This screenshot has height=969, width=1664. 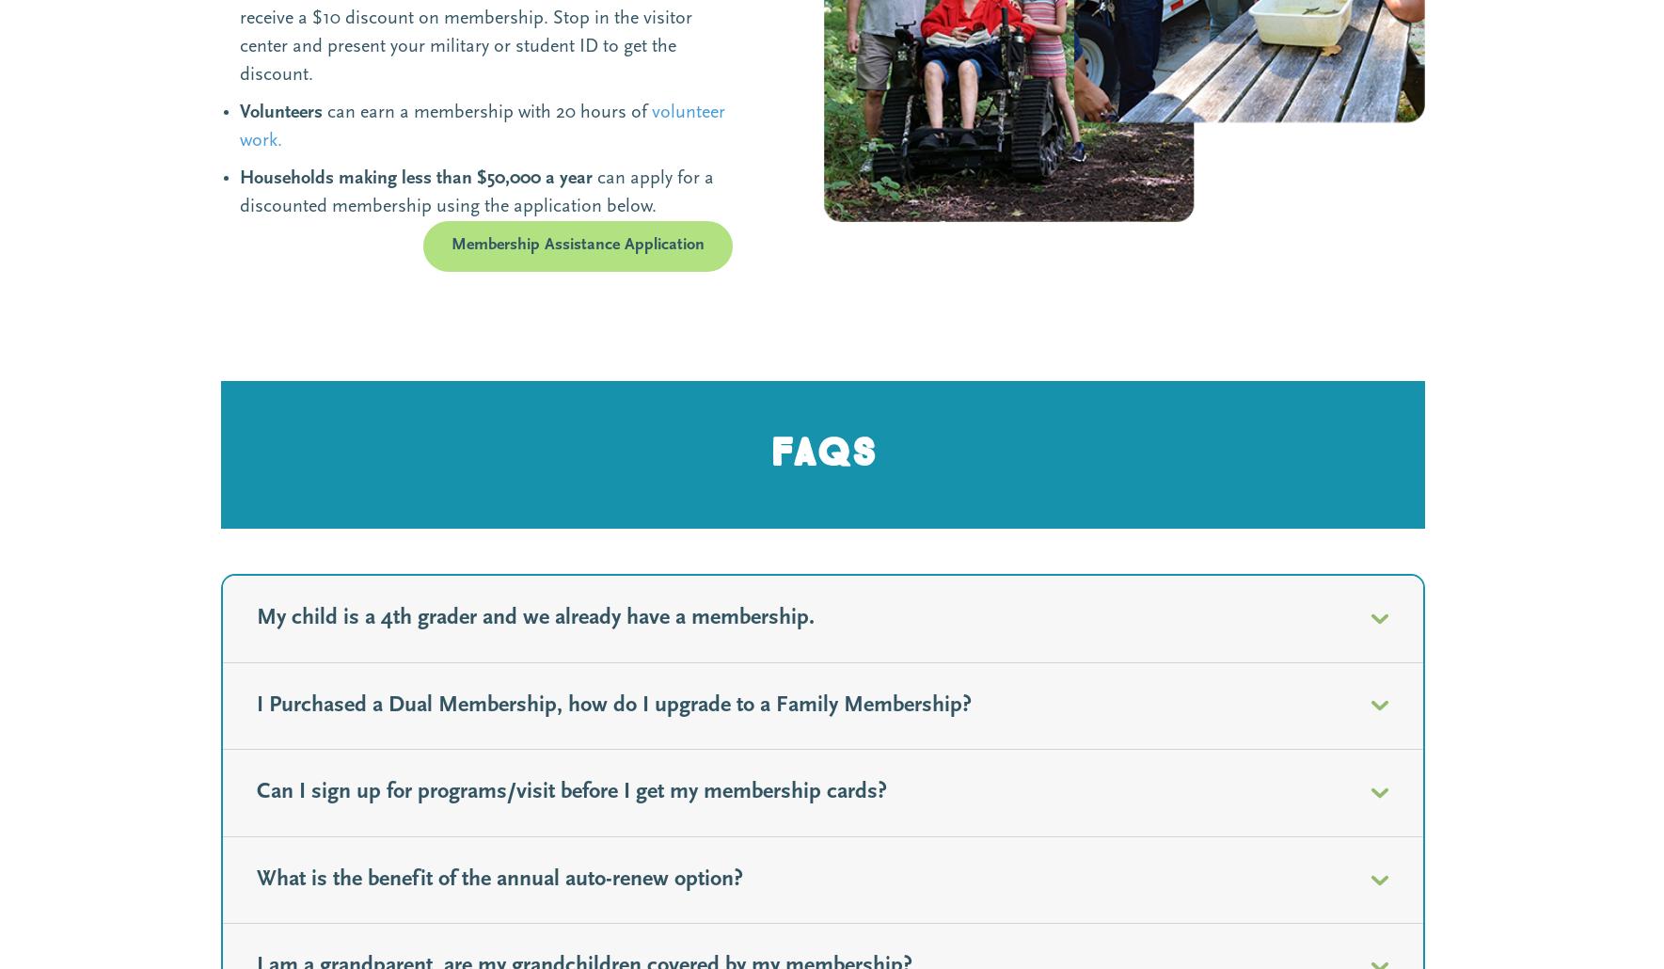 I want to click on 'What is the benefit of the annual auto-renew option?', so click(x=499, y=879).